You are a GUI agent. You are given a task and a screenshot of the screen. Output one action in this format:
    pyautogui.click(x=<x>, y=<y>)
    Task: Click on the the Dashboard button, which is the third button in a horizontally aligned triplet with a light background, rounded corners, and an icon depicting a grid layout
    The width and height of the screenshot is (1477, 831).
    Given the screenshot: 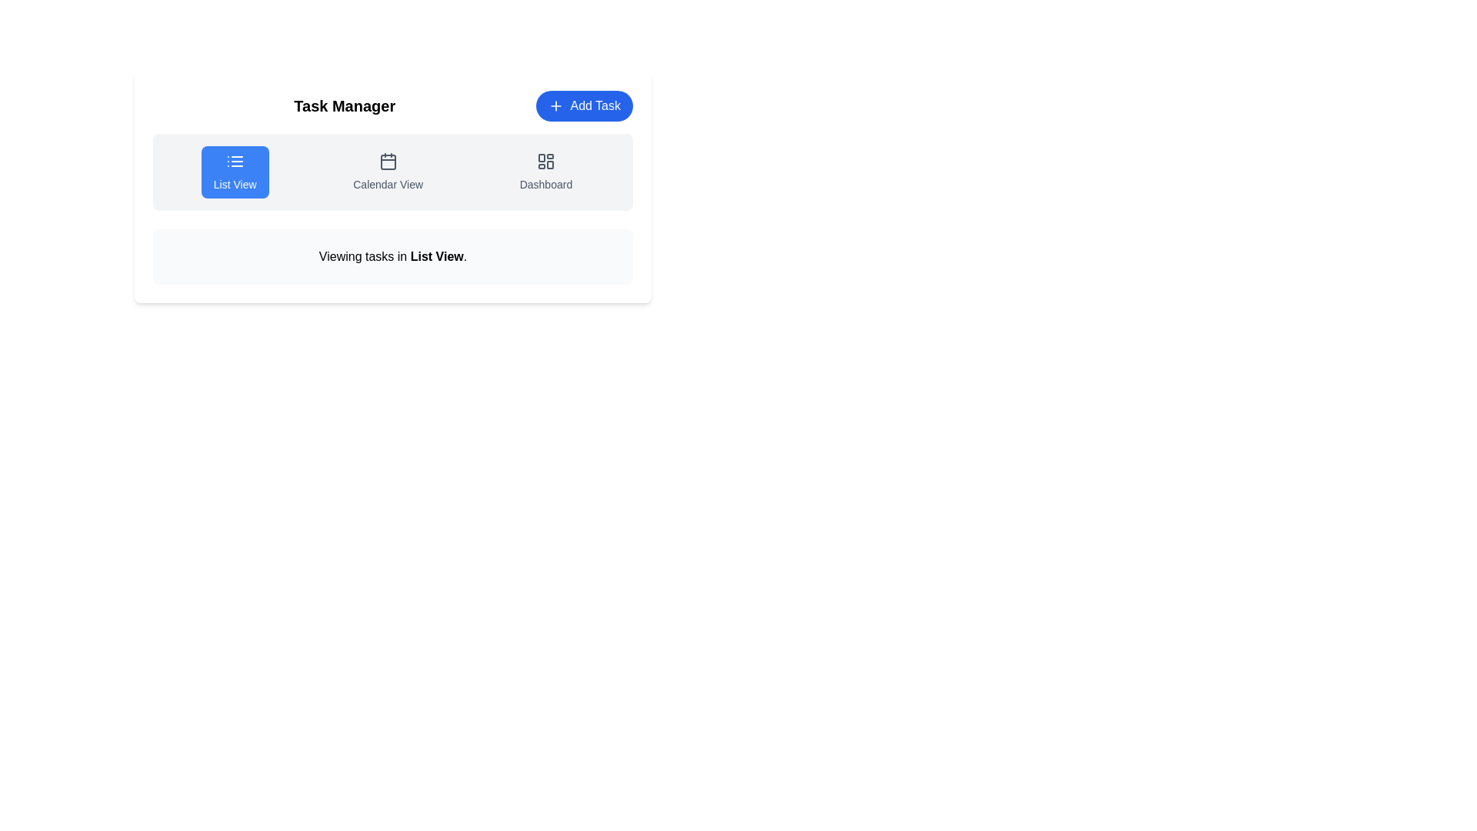 What is the action you would take?
    pyautogui.click(x=545, y=172)
    